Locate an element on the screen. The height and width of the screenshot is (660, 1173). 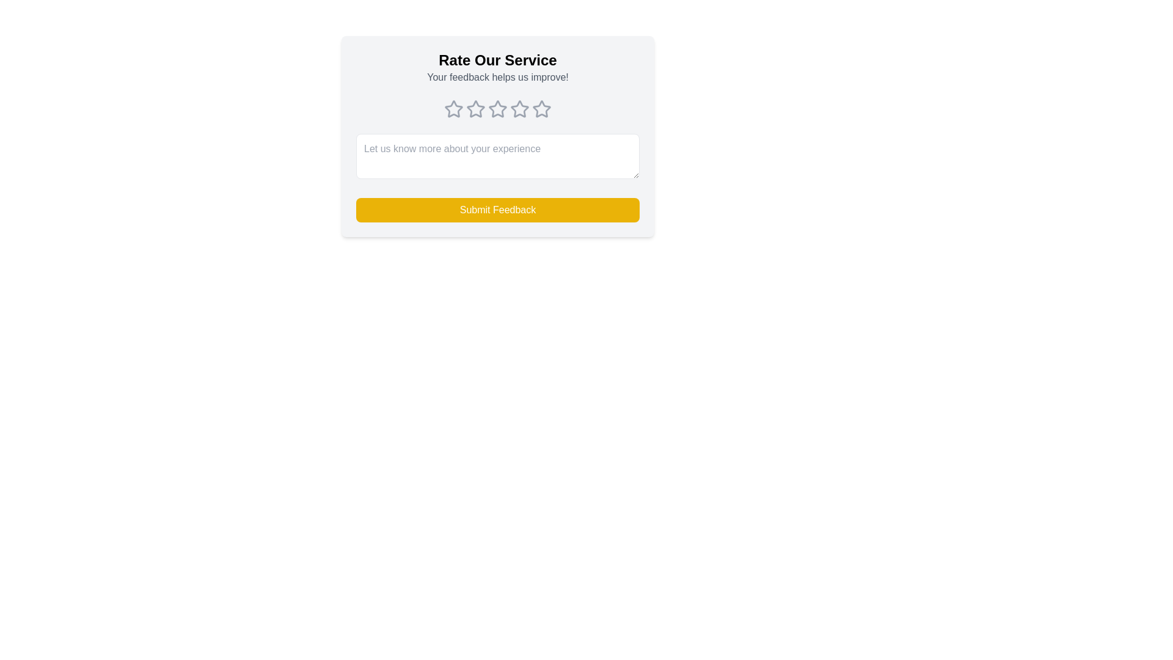
the far-left one-star rating icon in the feedback form located under the 'Rate Our Service' title is located at coordinates (453, 108).